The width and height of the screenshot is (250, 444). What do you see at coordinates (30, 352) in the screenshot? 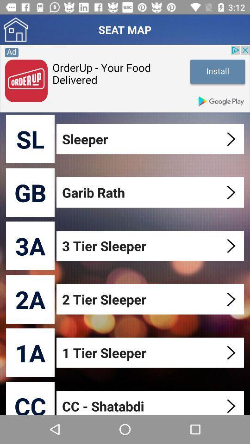
I see `the icon to the left of 1 tier sleeper item` at bounding box center [30, 352].